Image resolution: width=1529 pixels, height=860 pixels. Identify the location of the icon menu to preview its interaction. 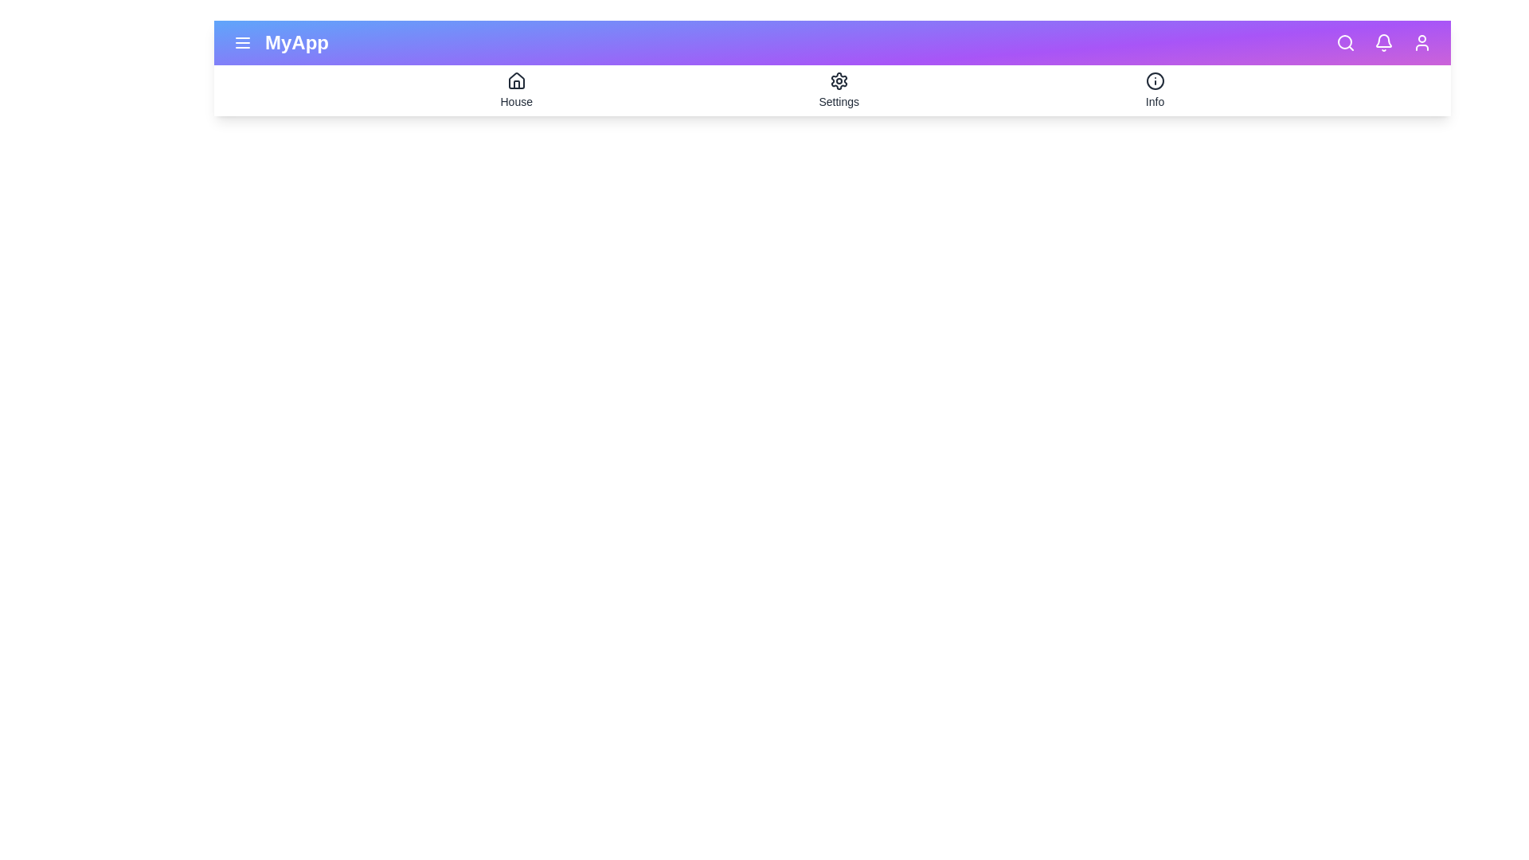
(242, 42).